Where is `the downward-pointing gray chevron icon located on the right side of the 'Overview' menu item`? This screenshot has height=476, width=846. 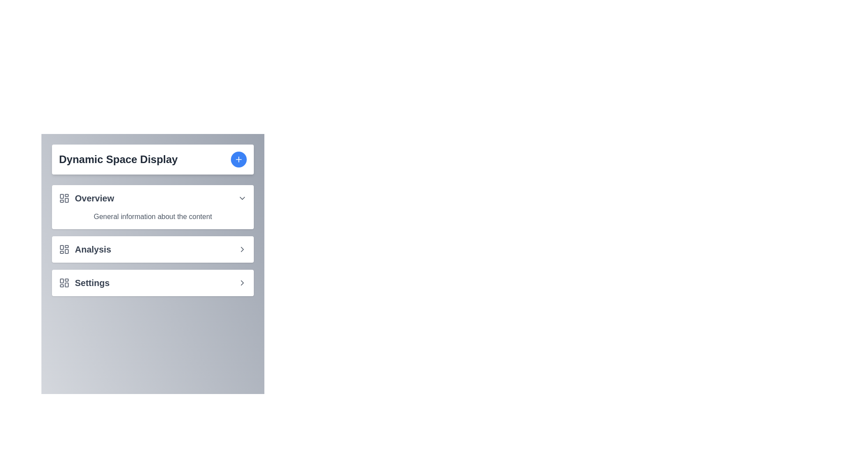 the downward-pointing gray chevron icon located on the right side of the 'Overview' menu item is located at coordinates (242, 198).